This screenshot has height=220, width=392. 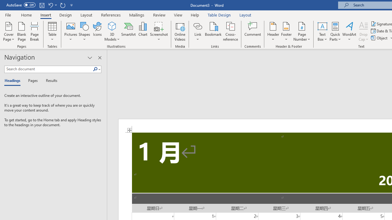 I want to click on 'Shapes', so click(x=84, y=31).